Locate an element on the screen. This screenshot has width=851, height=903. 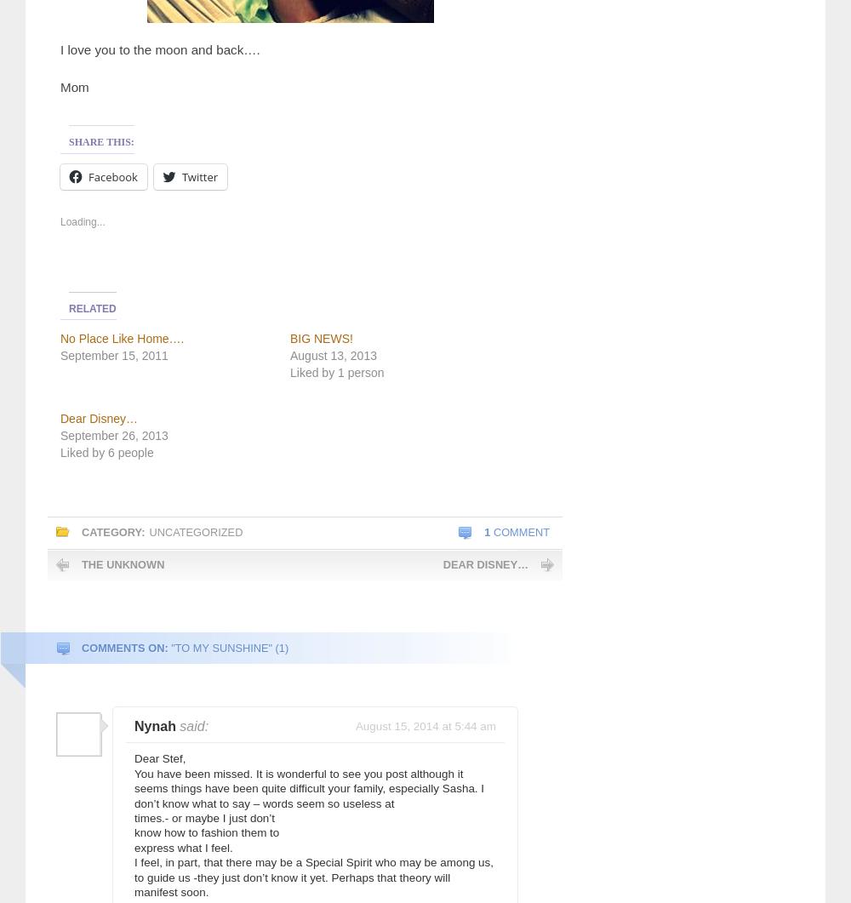
'The Unknown' is located at coordinates (123, 563).